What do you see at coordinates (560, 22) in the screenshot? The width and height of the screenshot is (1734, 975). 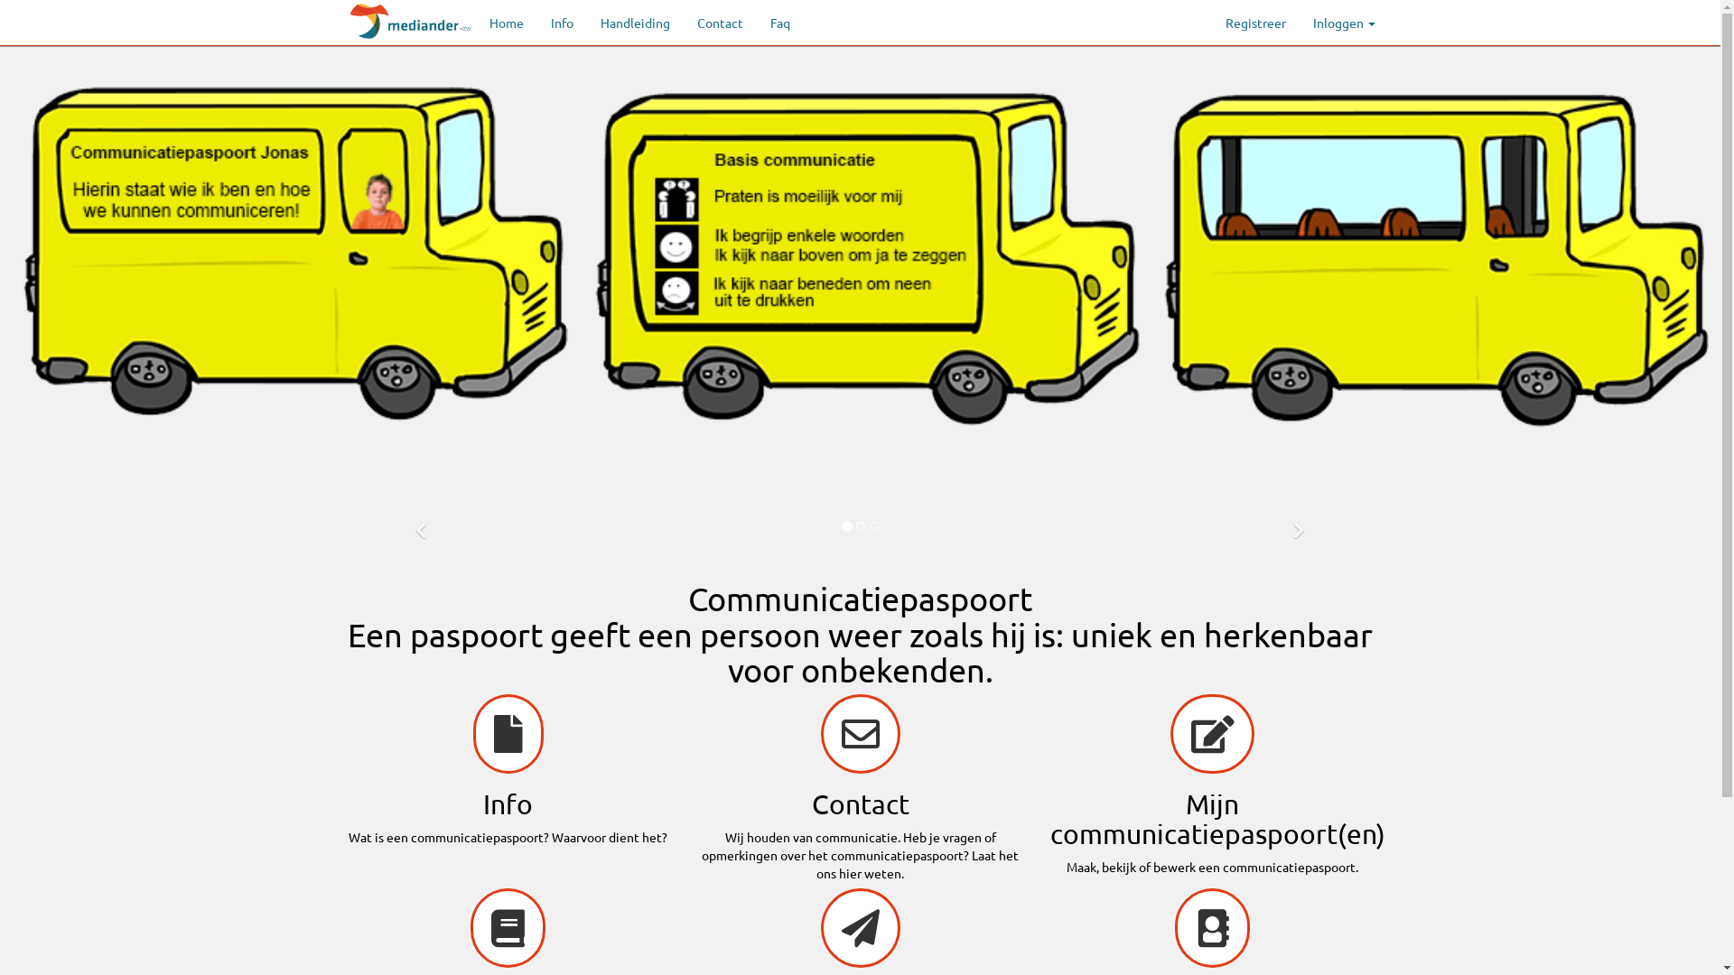 I see `'Info'` at bounding box center [560, 22].